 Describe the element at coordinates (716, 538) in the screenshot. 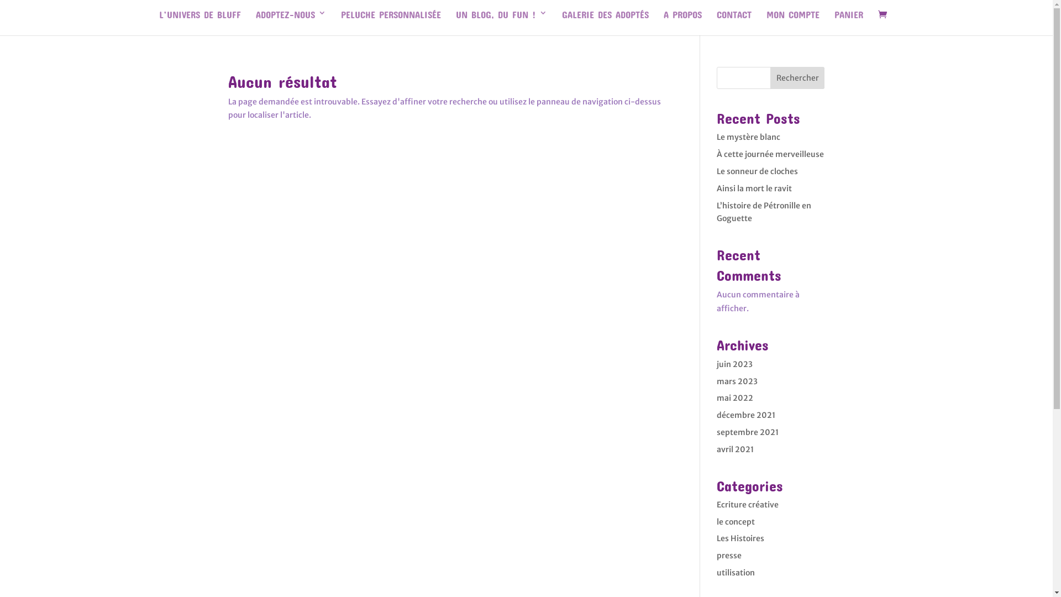

I see `'Les Histoires'` at that location.